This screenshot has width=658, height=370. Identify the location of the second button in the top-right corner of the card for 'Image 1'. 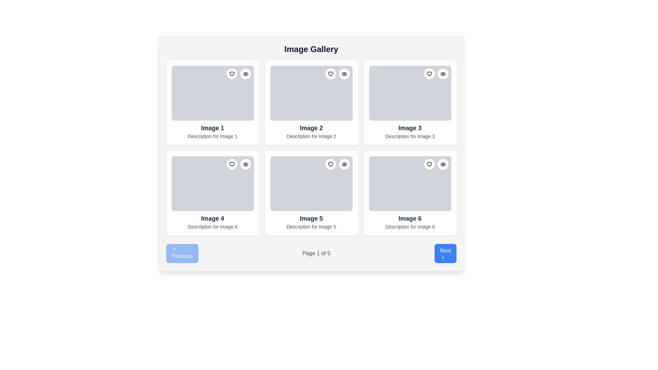
(245, 74).